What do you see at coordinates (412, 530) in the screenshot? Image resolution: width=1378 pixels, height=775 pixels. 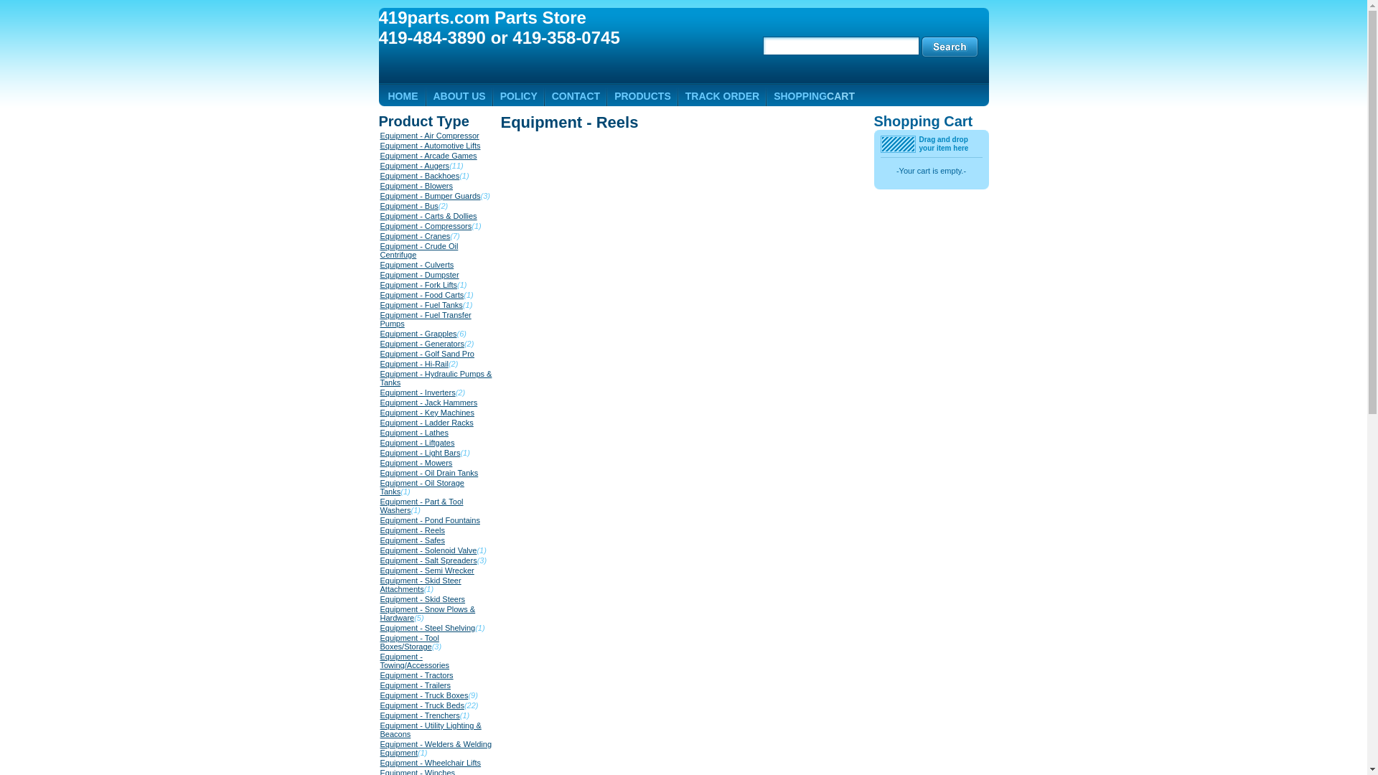 I see `'Equipment - Reels'` at bounding box center [412, 530].